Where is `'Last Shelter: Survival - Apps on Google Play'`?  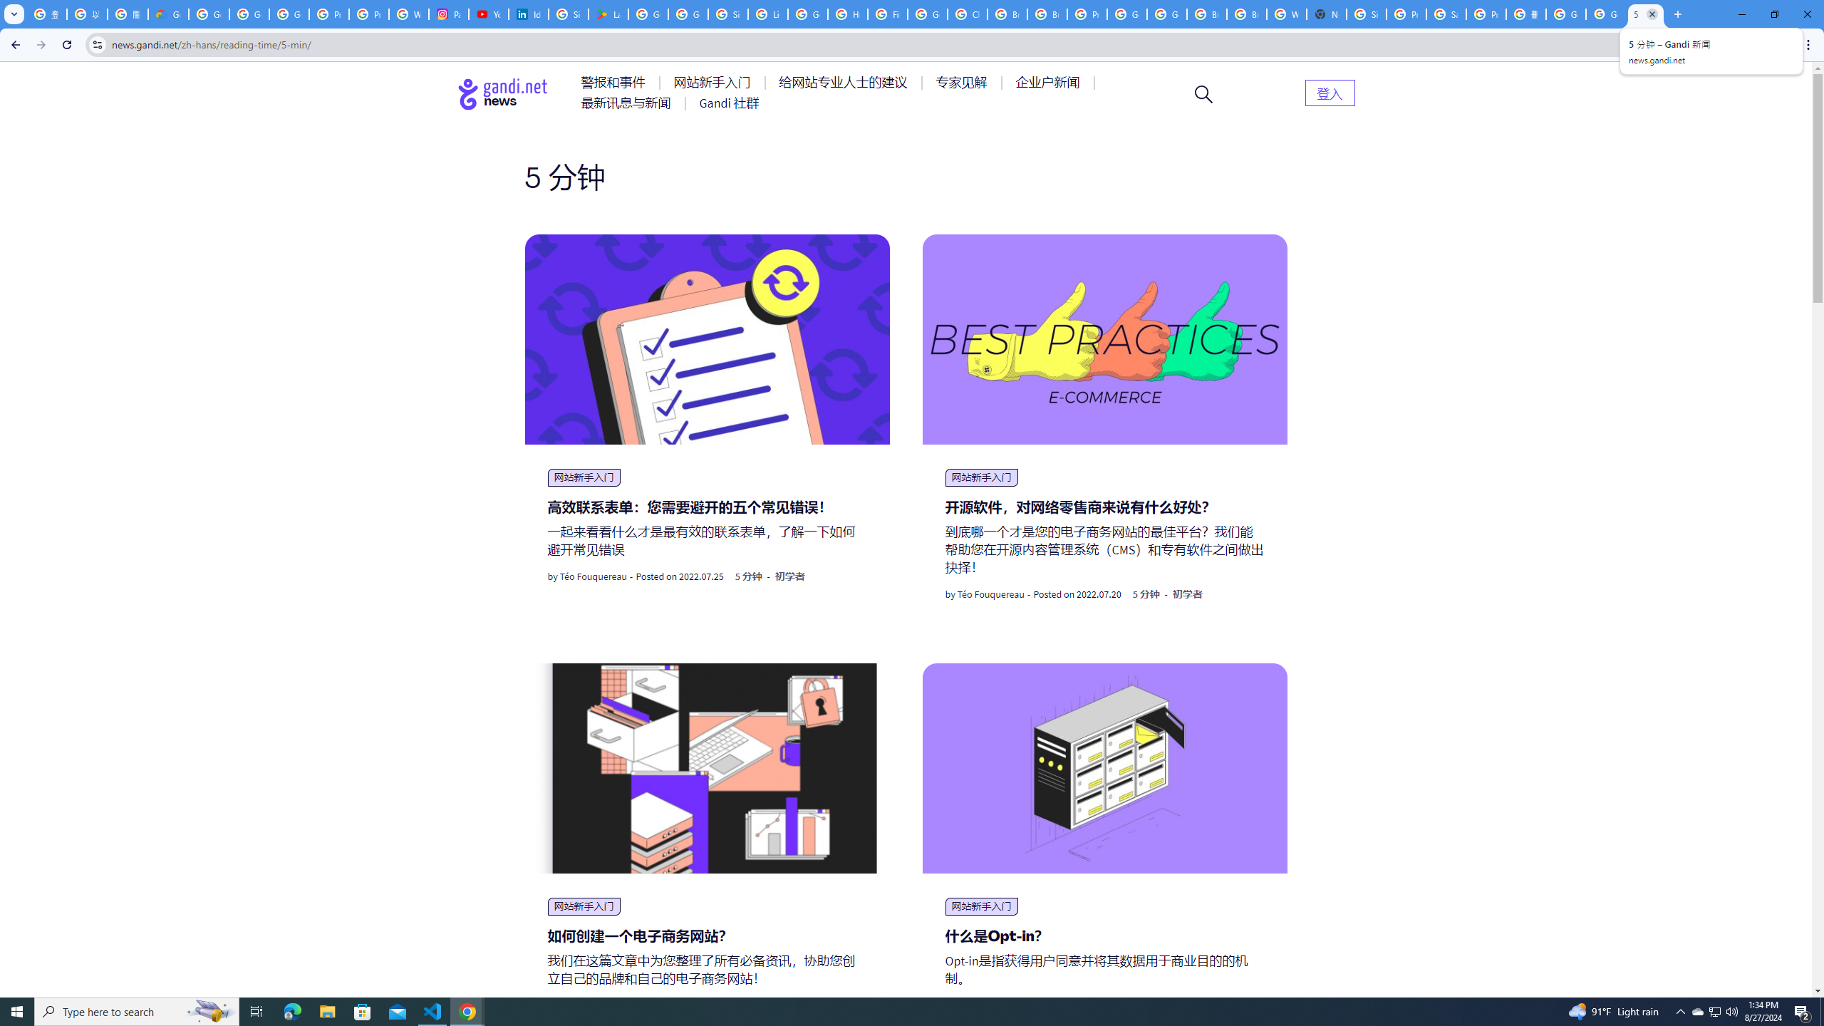
'Last Shelter: Survival - Apps on Google Play' is located at coordinates (607, 14).